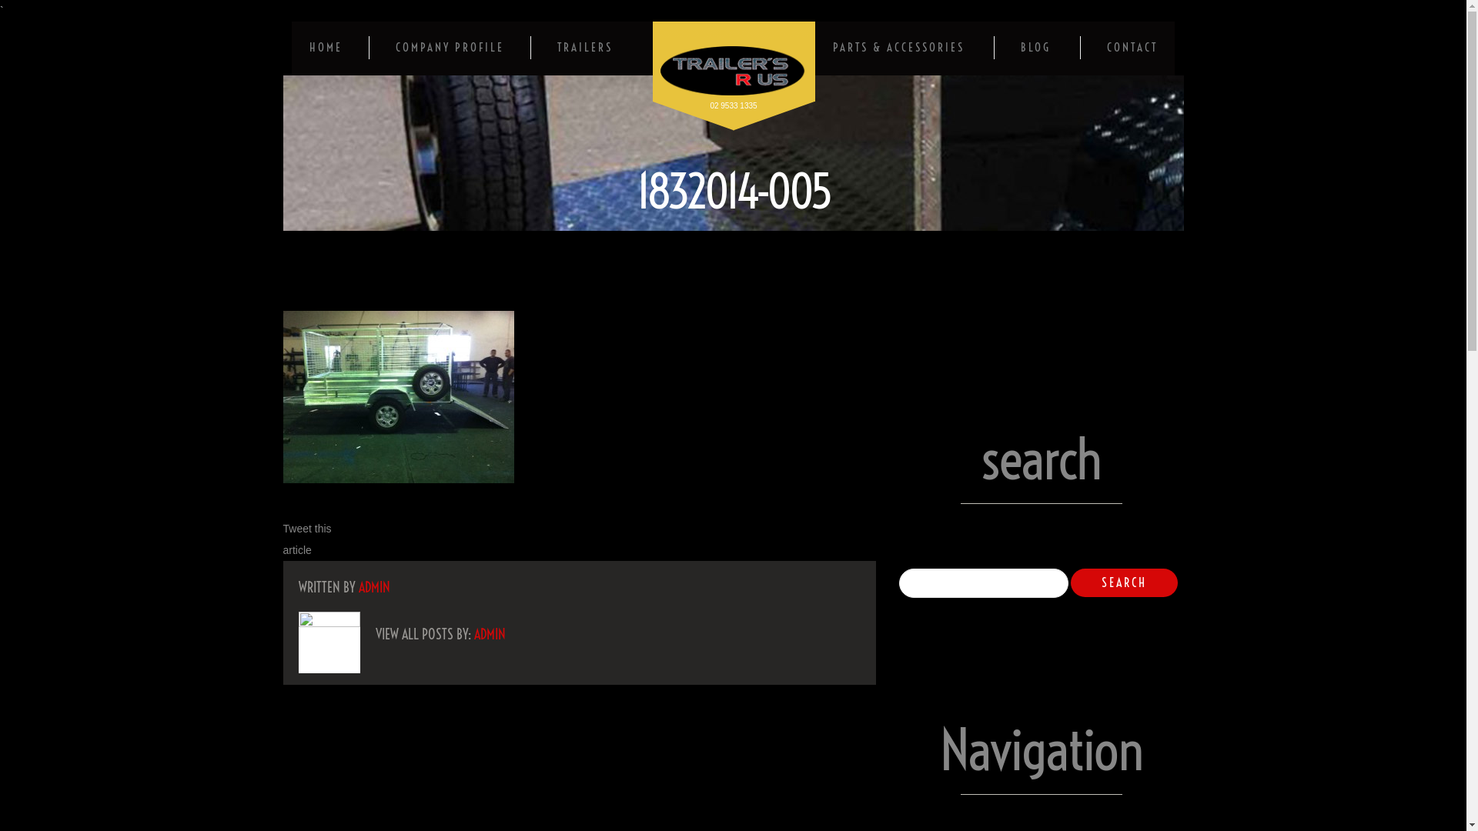 Image resolution: width=1478 pixels, height=831 pixels. I want to click on 'ADMIN', so click(374, 587).